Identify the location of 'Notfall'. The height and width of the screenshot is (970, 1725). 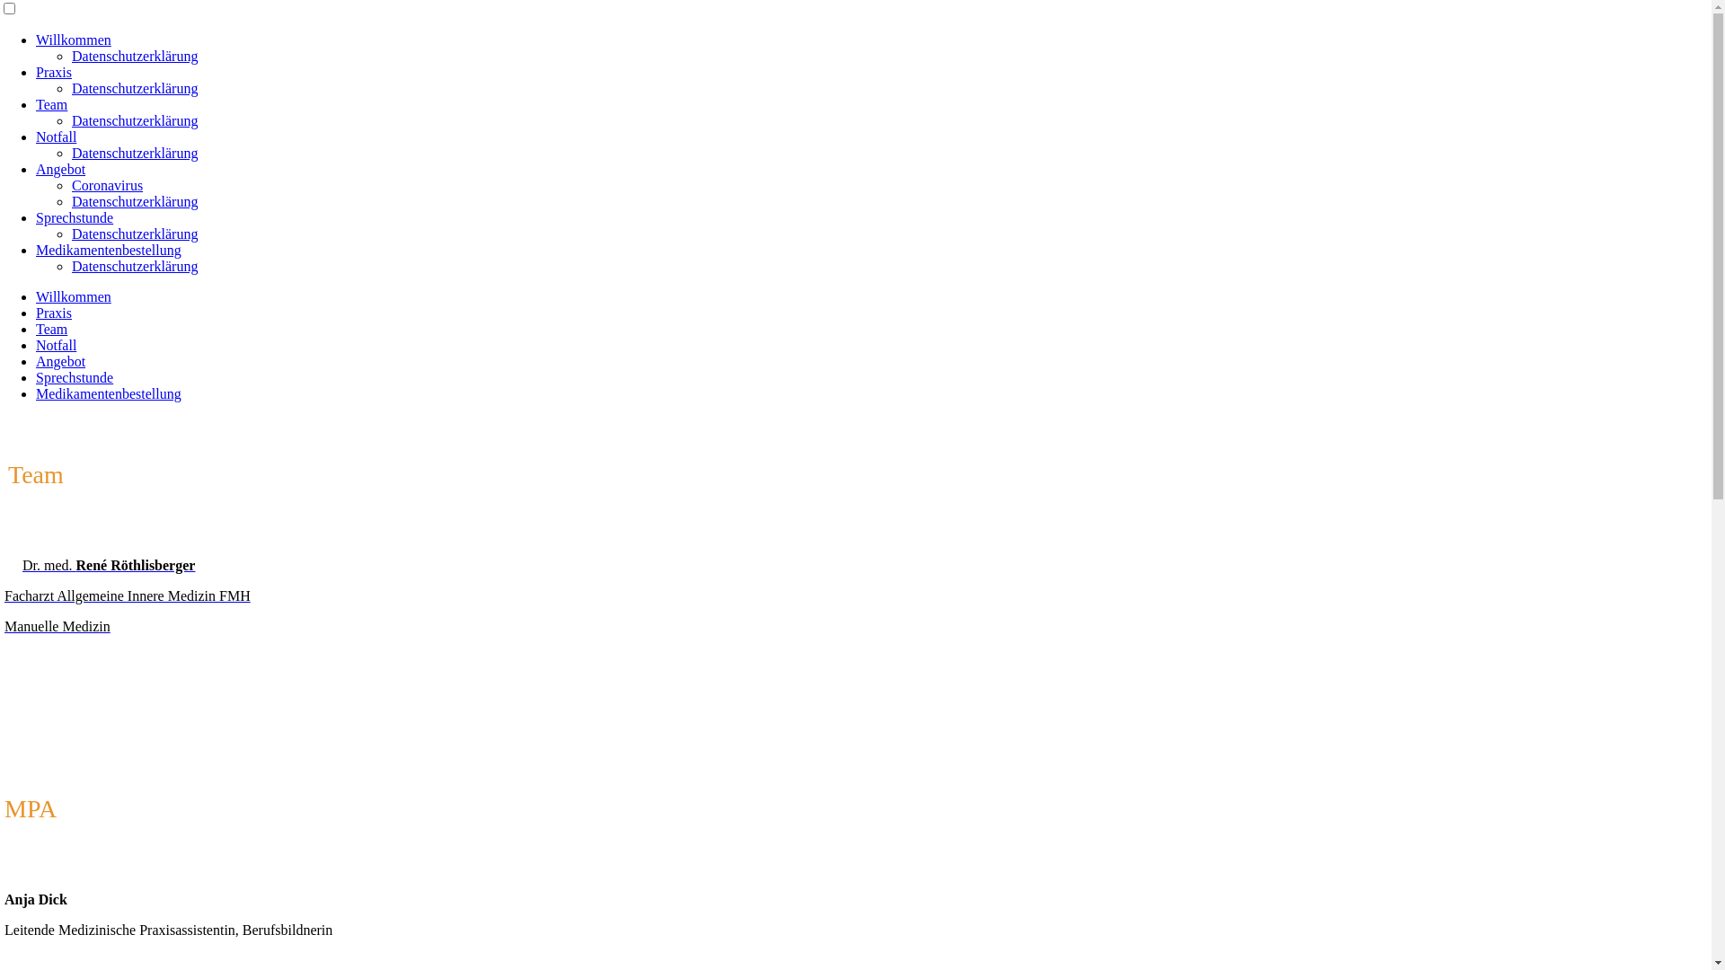
(35, 136).